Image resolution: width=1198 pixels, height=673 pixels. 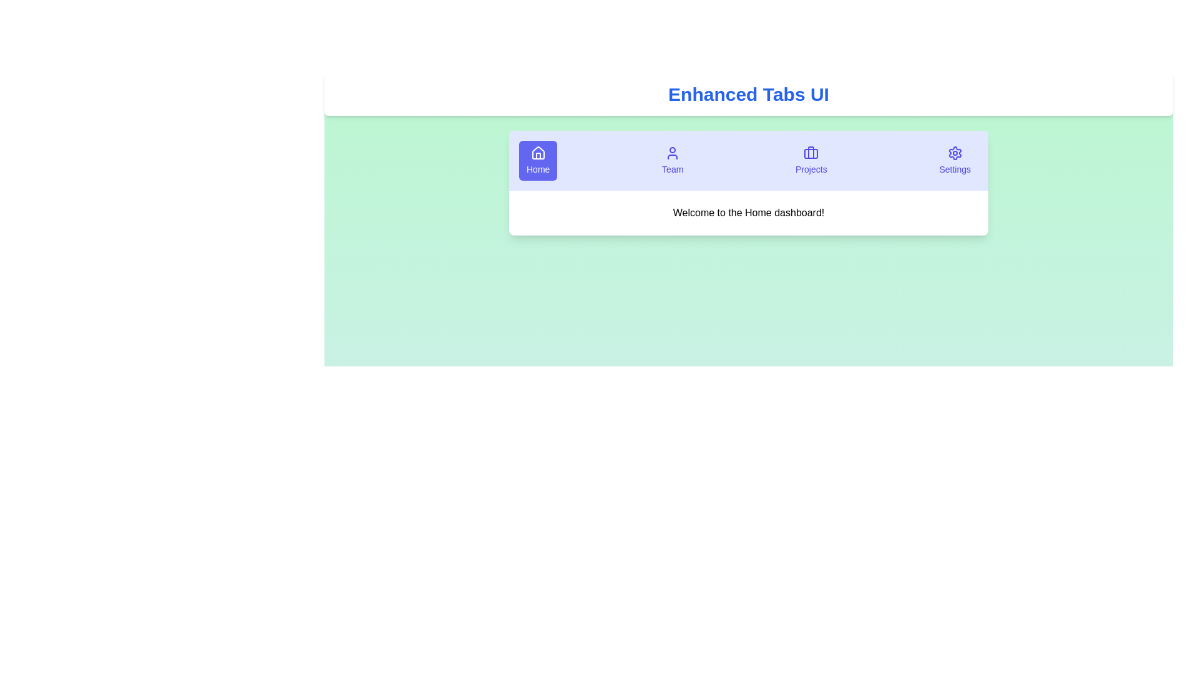 I want to click on the Projects tab icon, which visually represents the Projects section and is centrally aligned at the top of the content area, so click(x=811, y=153).